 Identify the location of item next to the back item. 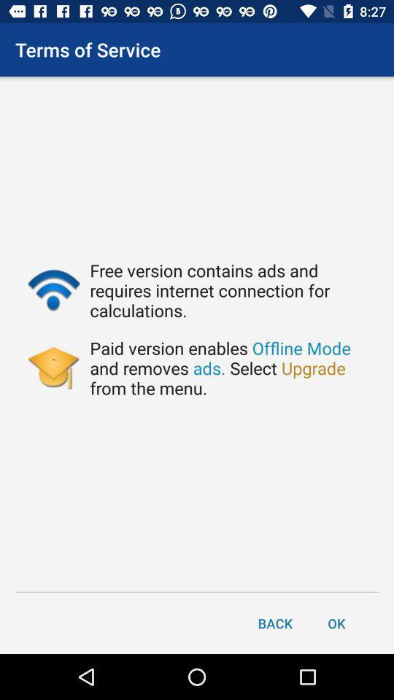
(336, 622).